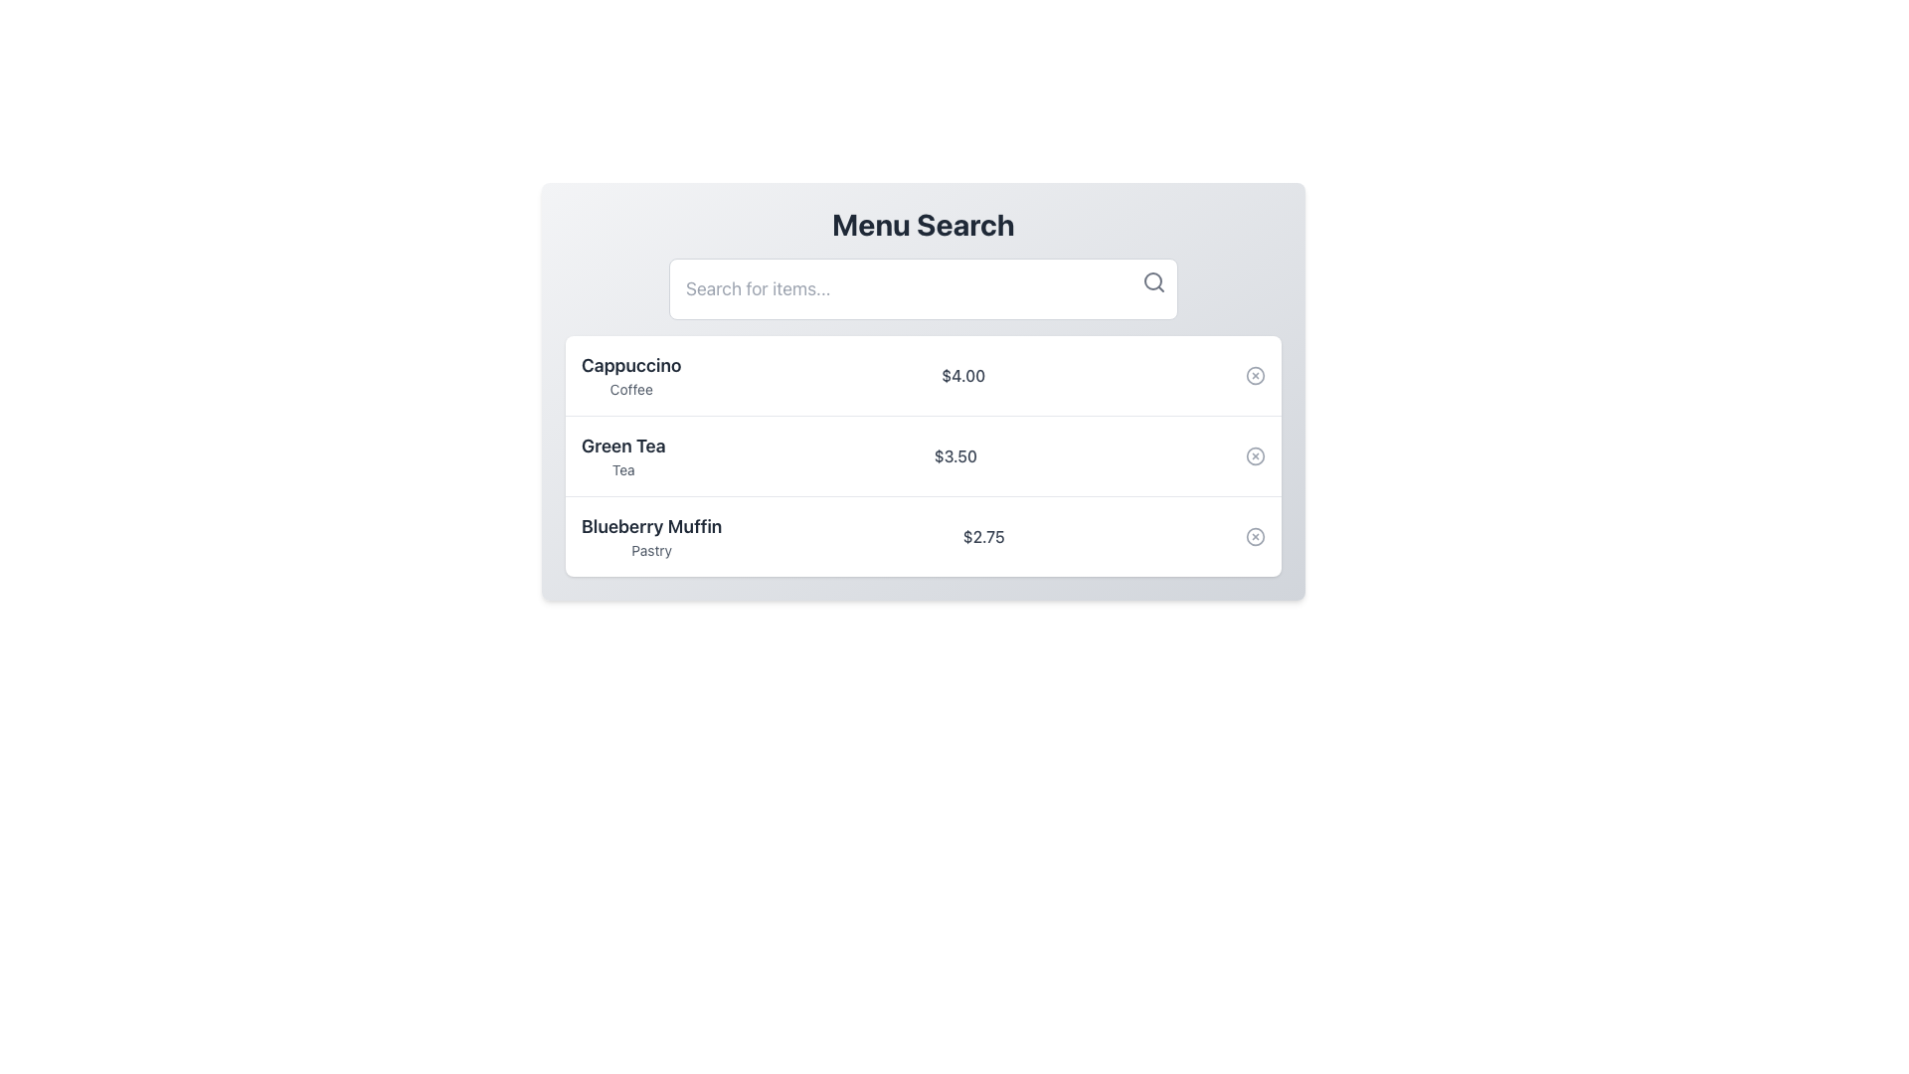  I want to click on the decorative circular SVG element associated with the delete button for the 'Green Tea' list item, which is positioned in the middle right, adjacent to its price of $3.50, so click(1254, 456).